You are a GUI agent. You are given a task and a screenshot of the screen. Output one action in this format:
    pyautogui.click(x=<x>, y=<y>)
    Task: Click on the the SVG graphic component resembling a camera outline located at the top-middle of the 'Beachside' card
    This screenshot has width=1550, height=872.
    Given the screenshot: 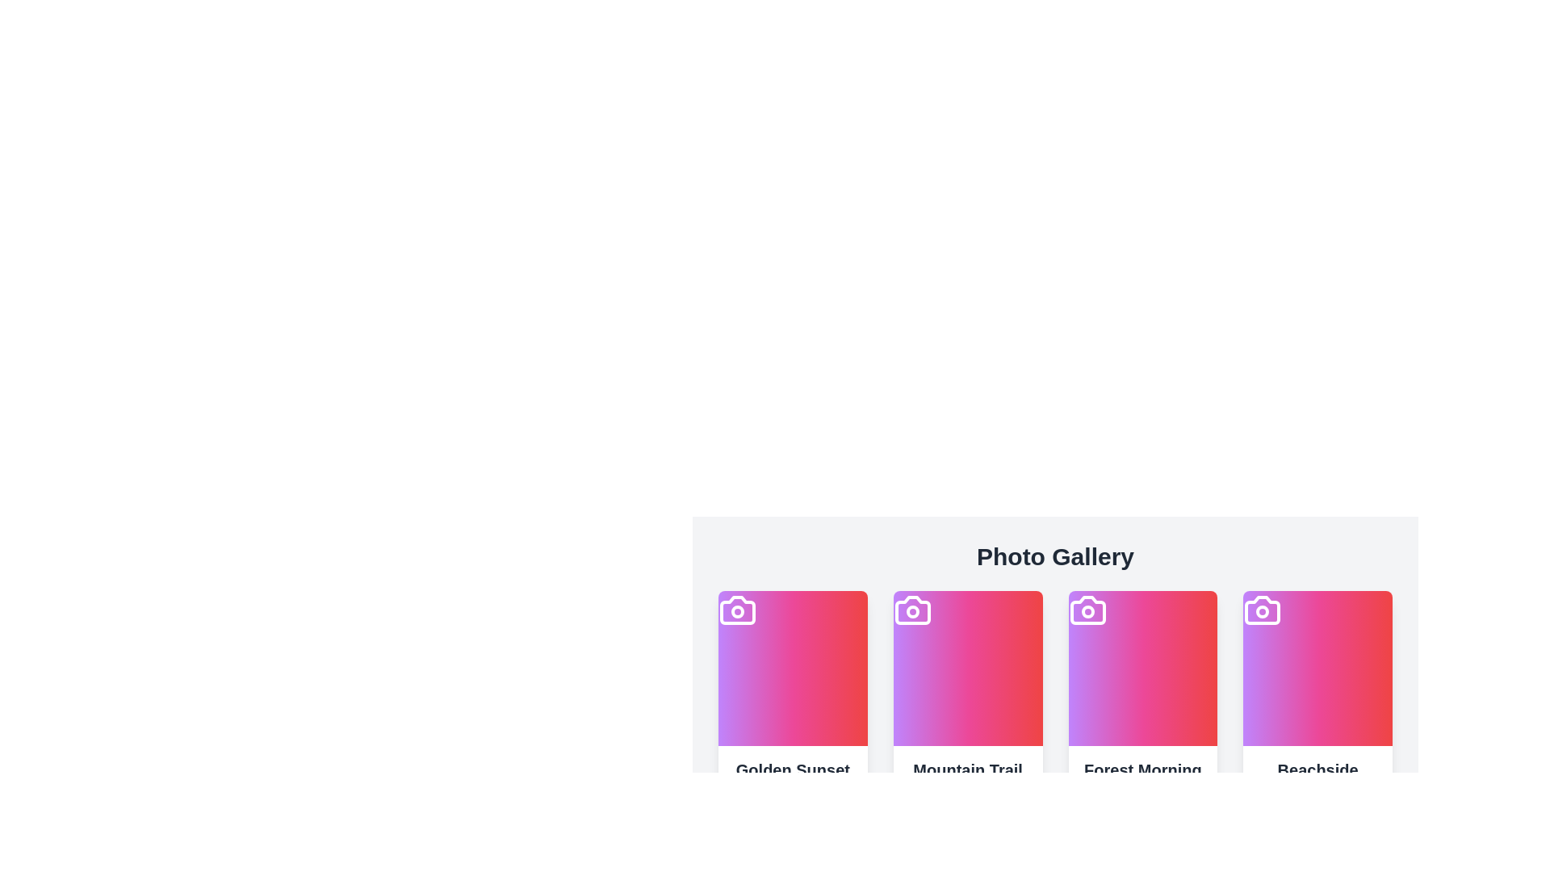 What is the action you would take?
    pyautogui.click(x=1262, y=610)
    